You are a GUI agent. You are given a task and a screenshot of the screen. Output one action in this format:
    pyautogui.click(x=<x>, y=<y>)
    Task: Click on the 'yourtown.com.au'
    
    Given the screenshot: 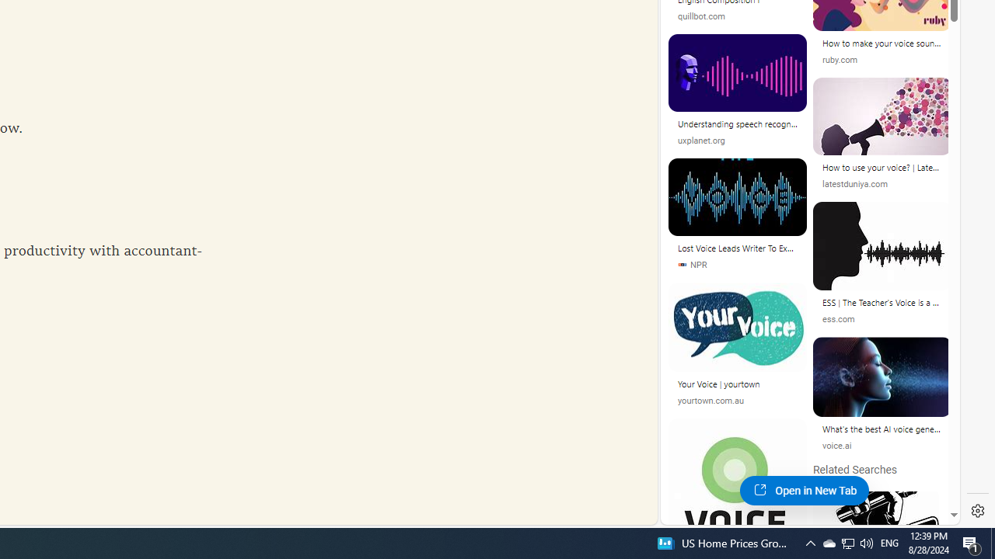 What is the action you would take?
    pyautogui.click(x=710, y=400)
    